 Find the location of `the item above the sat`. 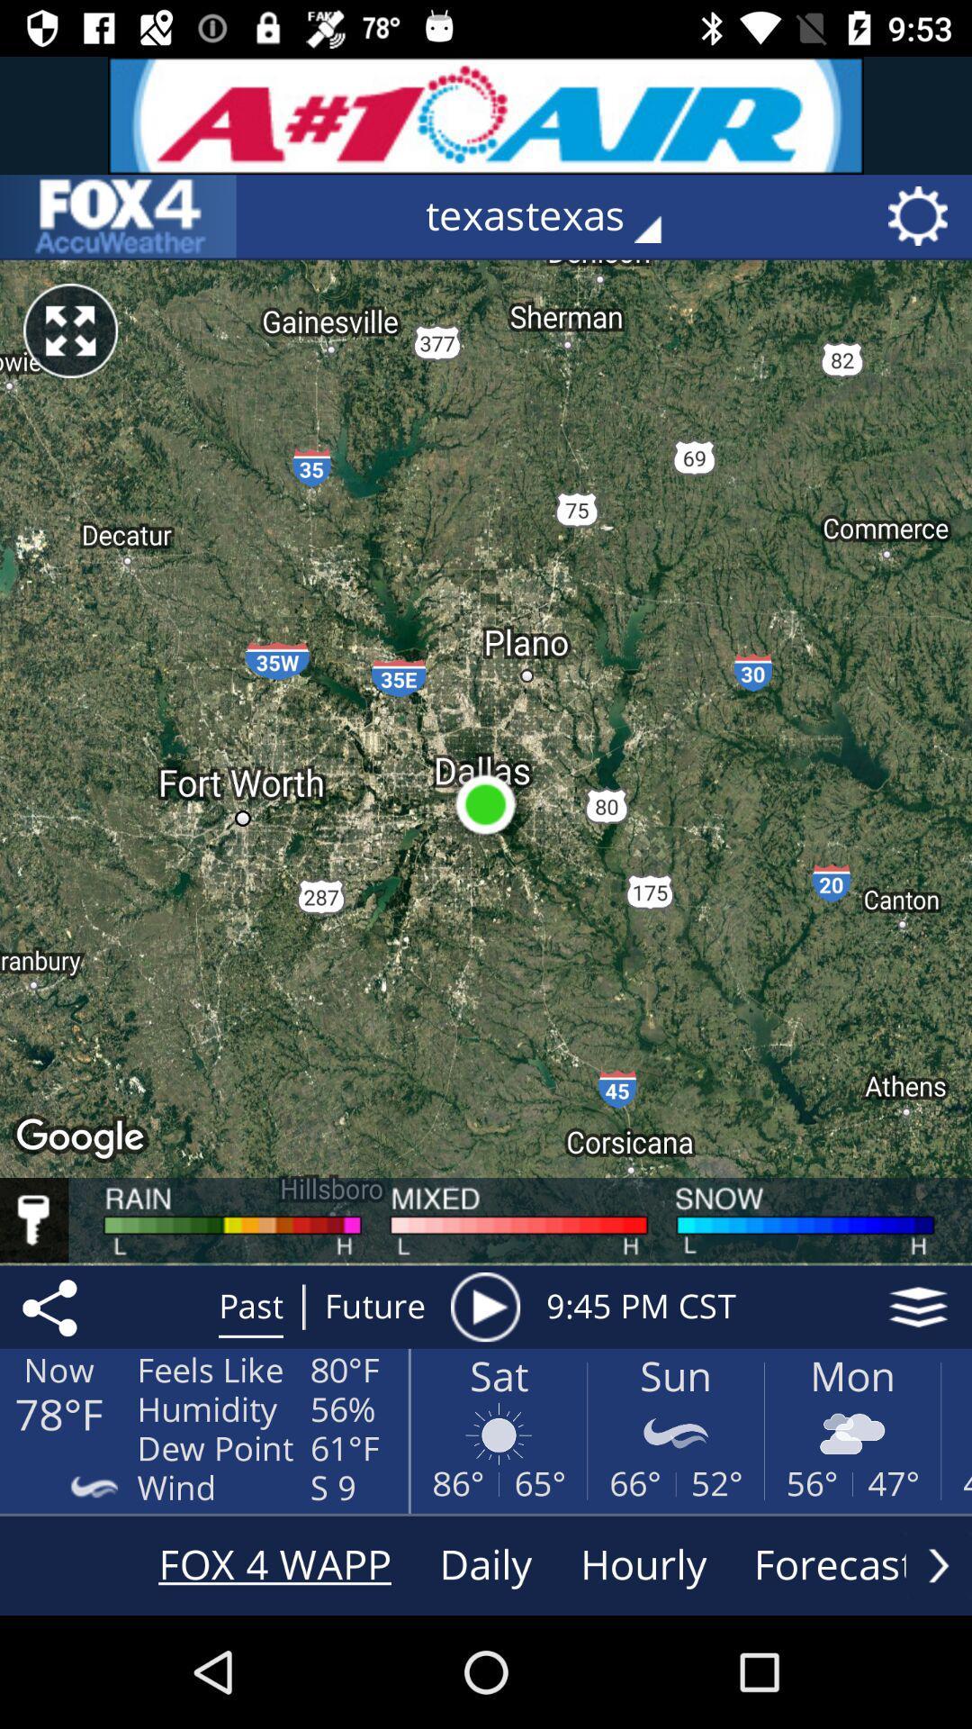

the item above the sat is located at coordinates (484, 1307).